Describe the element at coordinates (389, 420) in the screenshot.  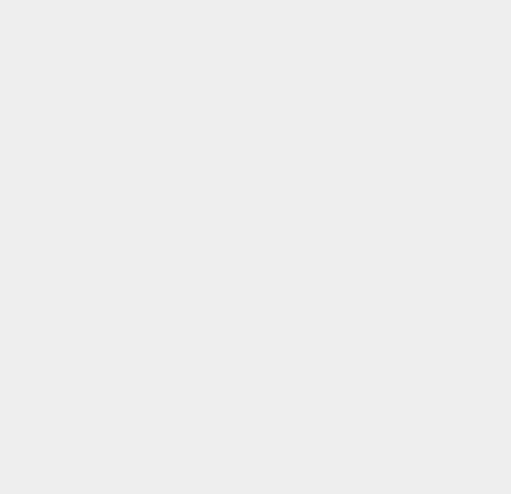
I see `'Android USB Drivers'` at that location.